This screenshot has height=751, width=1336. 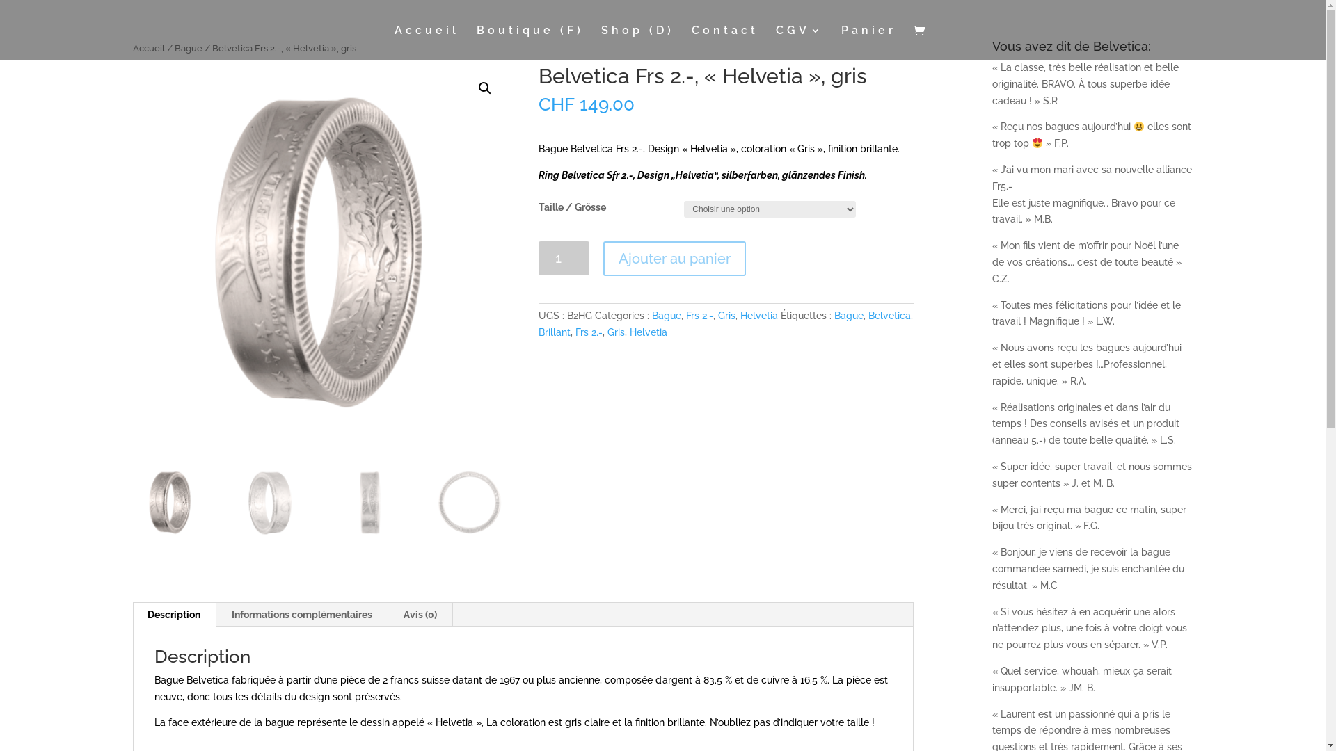 I want to click on 'CGV', so click(x=774, y=42).